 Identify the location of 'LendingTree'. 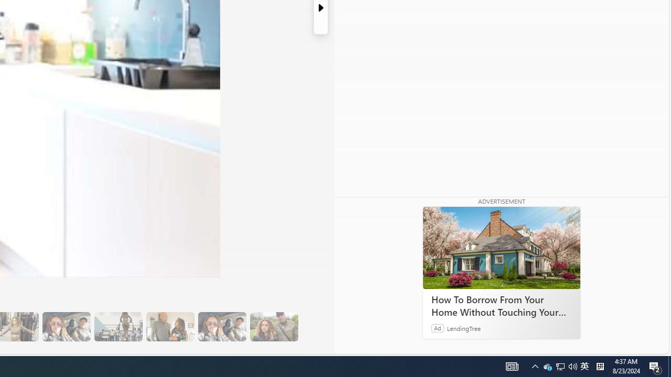
(463, 327).